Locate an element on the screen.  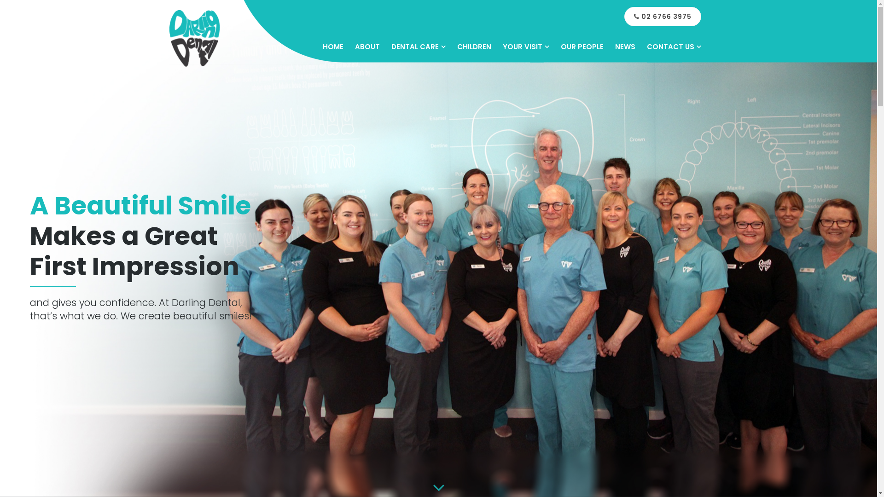
'DENTAL CARE' is located at coordinates (391, 46).